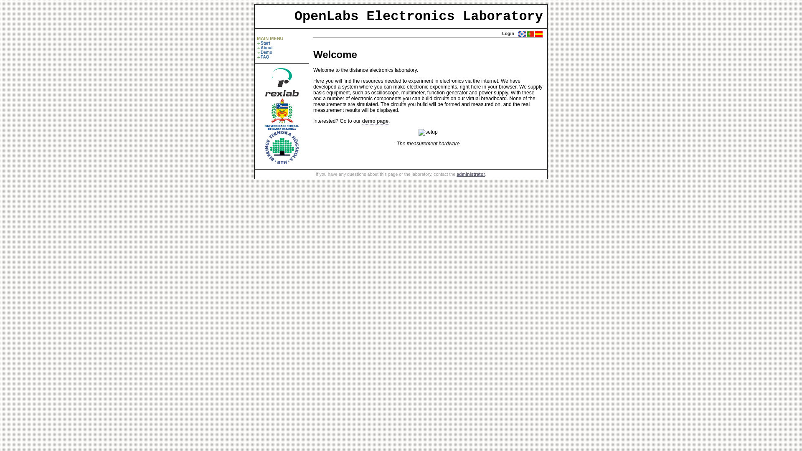 This screenshot has width=802, height=451. What do you see at coordinates (266, 48) in the screenshot?
I see `'About'` at bounding box center [266, 48].